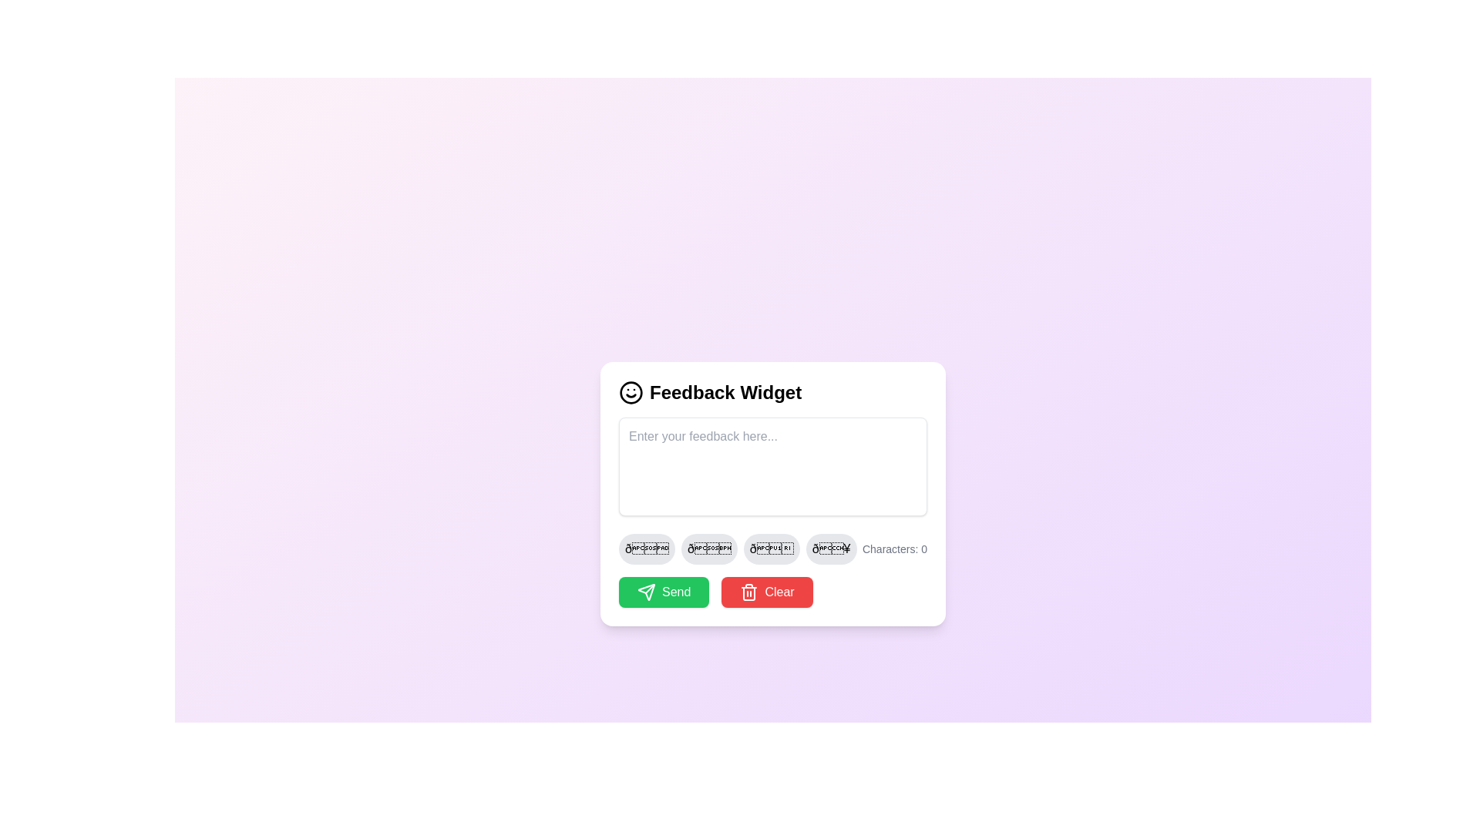 The image size is (1480, 832). I want to click on the green 'Send' button with rounded edges, which has a white paper plane icon and is adjacent to the red 'Clear' button, so click(664, 591).